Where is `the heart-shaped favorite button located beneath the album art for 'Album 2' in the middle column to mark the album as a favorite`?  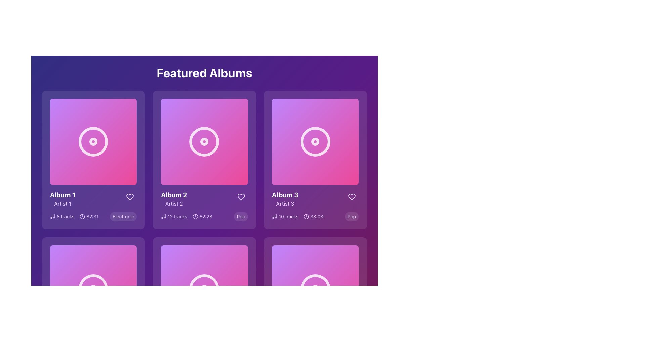 the heart-shaped favorite button located beneath the album art for 'Album 2' in the middle column to mark the album as a favorite is located at coordinates (241, 197).